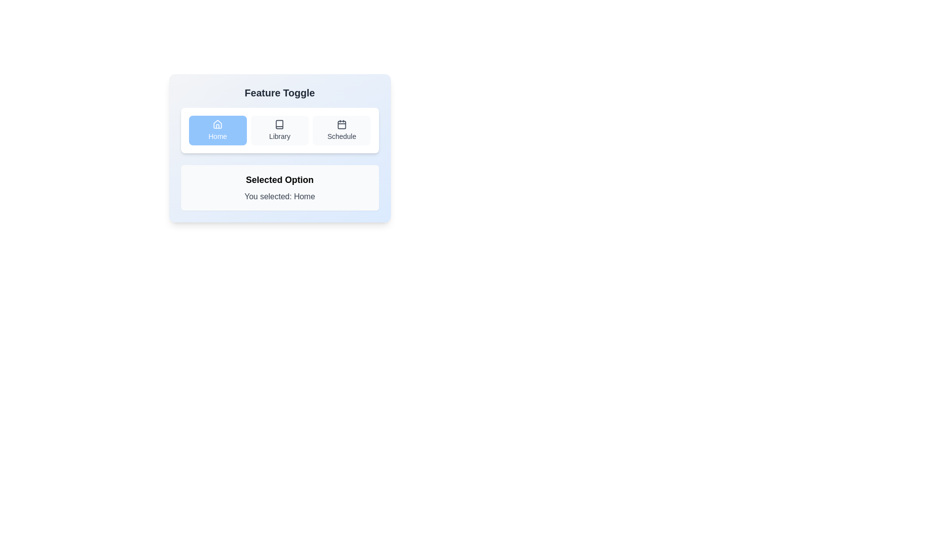 Image resolution: width=950 pixels, height=534 pixels. Describe the element at coordinates (279, 130) in the screenshot. I see `the 'Library' button which is centrally positioned between 'Home' and 'Schedule' toggle options for keyboard navigation` at that location.